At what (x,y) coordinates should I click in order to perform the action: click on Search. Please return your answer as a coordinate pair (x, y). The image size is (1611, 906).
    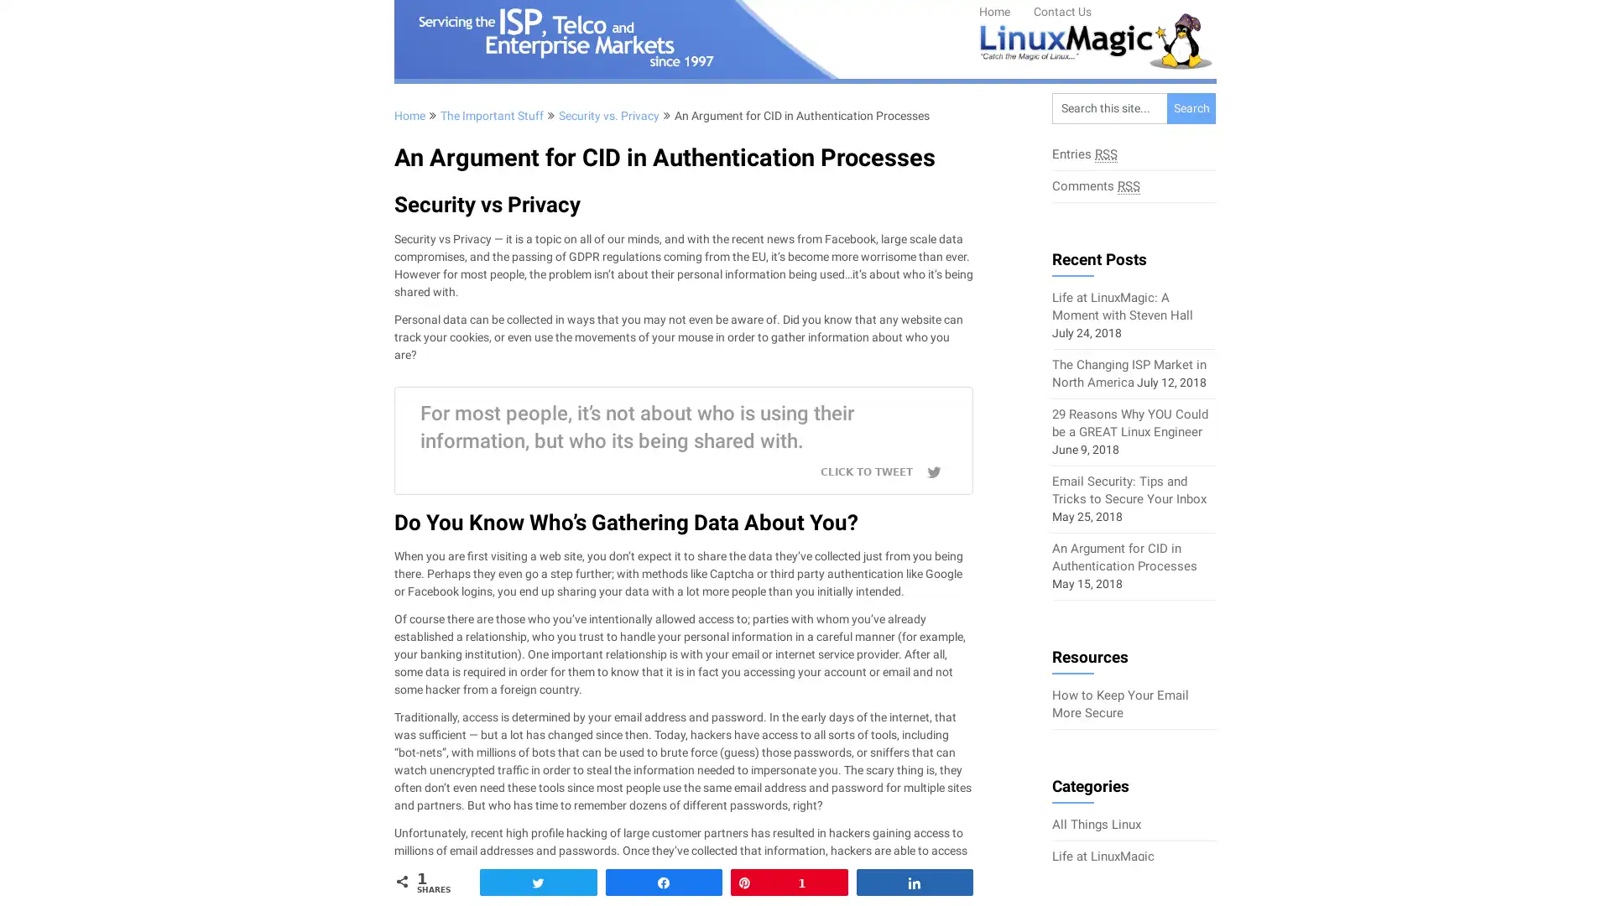
    Looking at the image, I should click on (1191, 107).